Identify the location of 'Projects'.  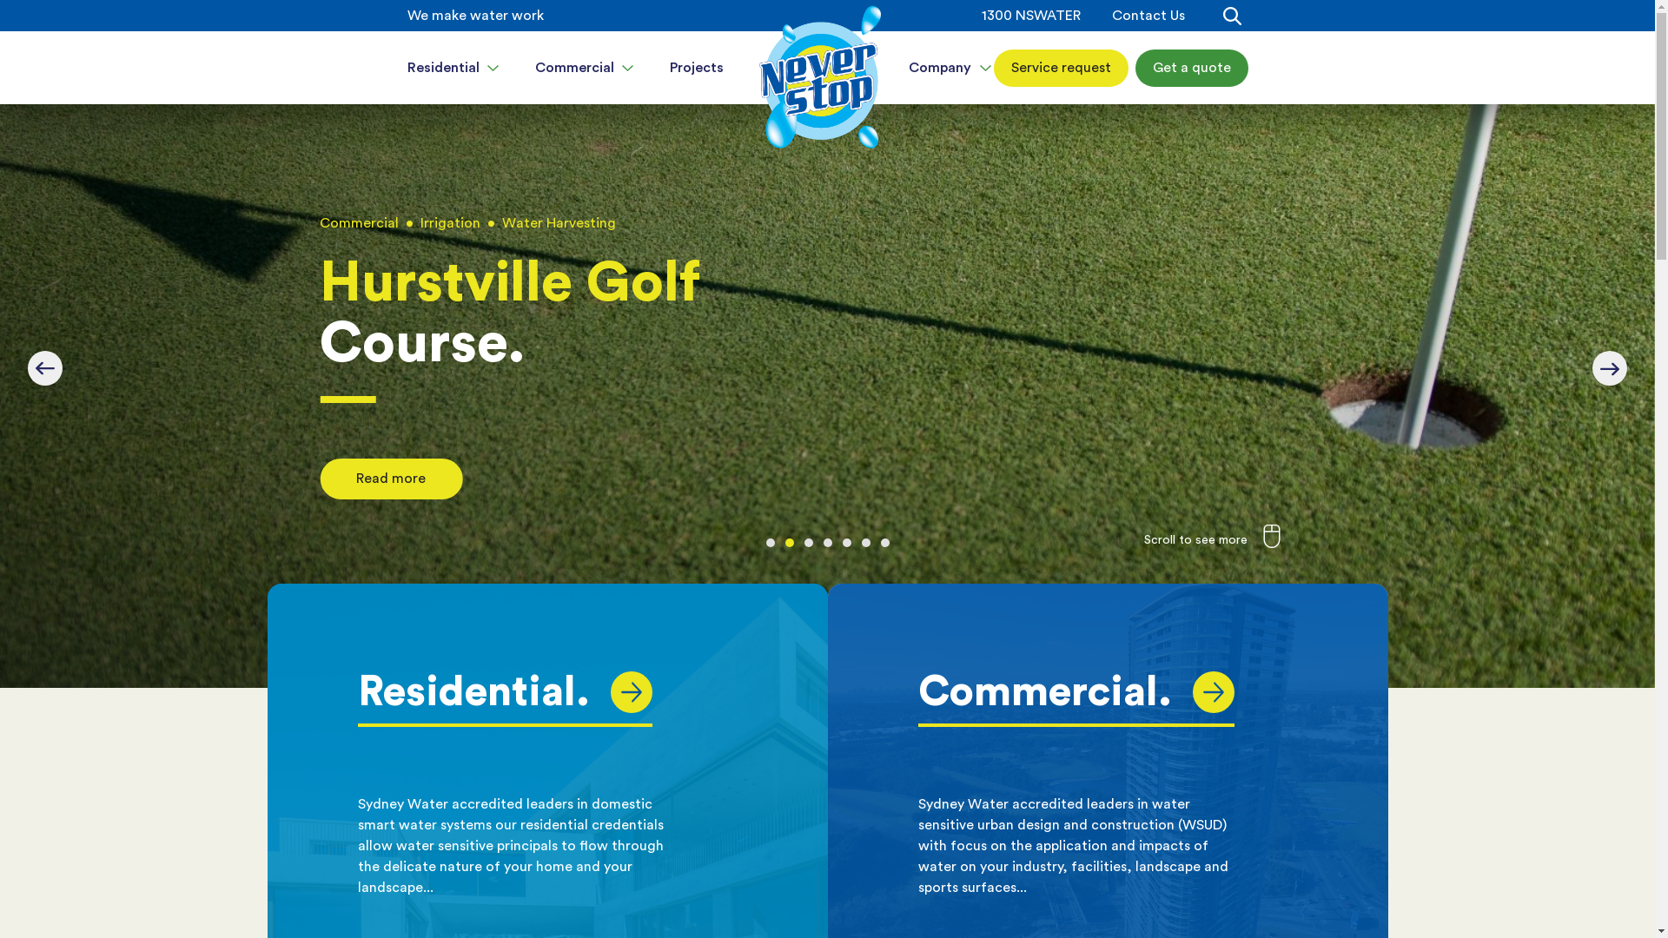
(696, 66).